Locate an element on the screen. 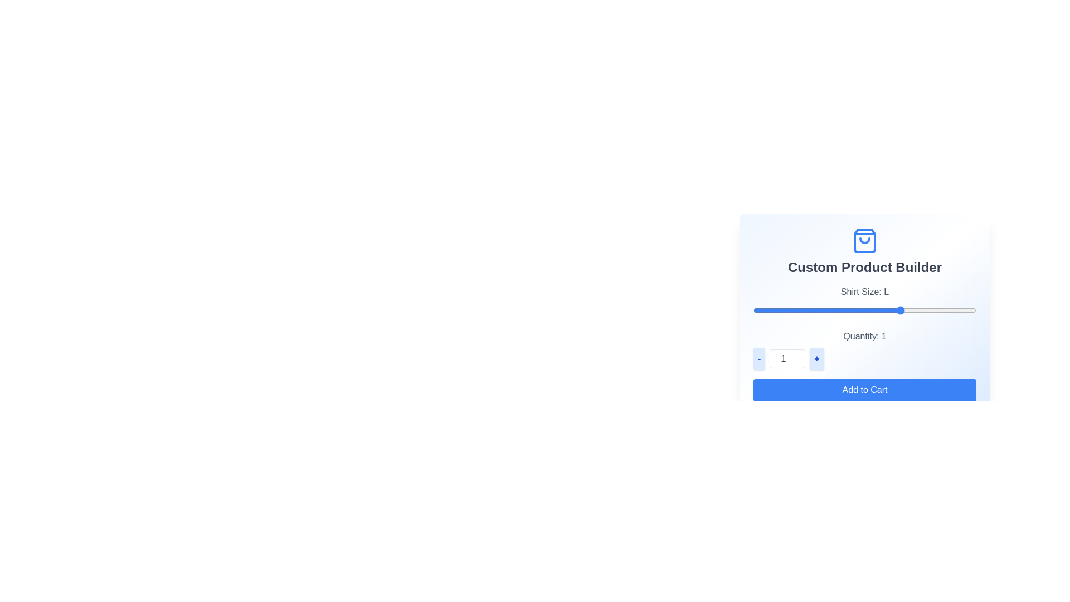  the 'Add to Cart' button located at the bottom of the 'Custom Product Builder' section is located at coordinates (864, 389).